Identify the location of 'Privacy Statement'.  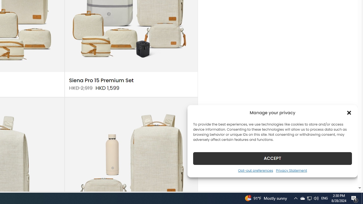
(291, 170).